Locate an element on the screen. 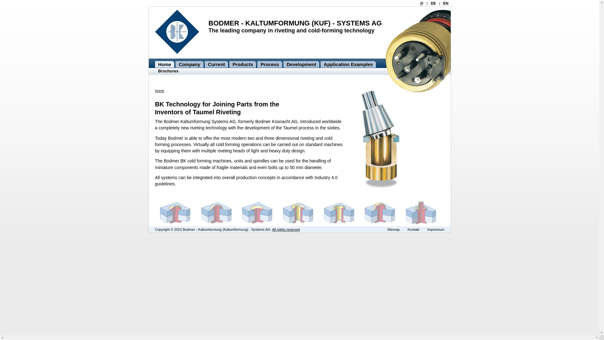 This screenshot has height=340, width=604. 'Application Examples' is located at coordinates (320, 64).